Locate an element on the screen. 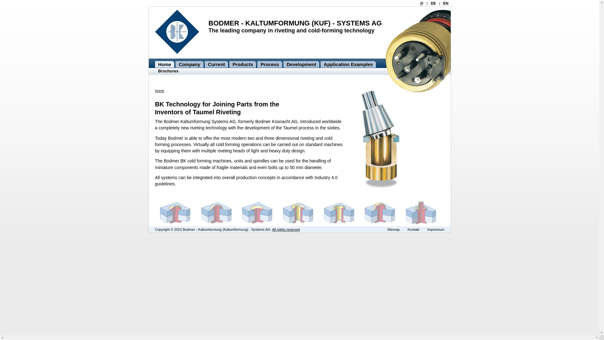 This screenshot has height=340, width=604. 'Application Examples' is located at coordinates (320, 64).